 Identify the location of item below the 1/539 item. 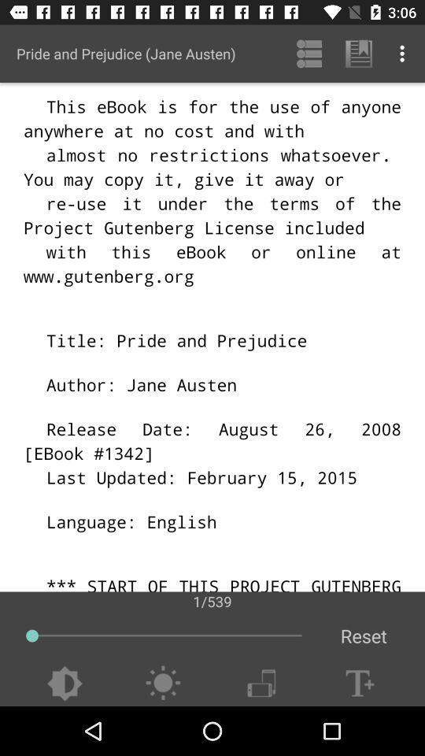
(364, 636).